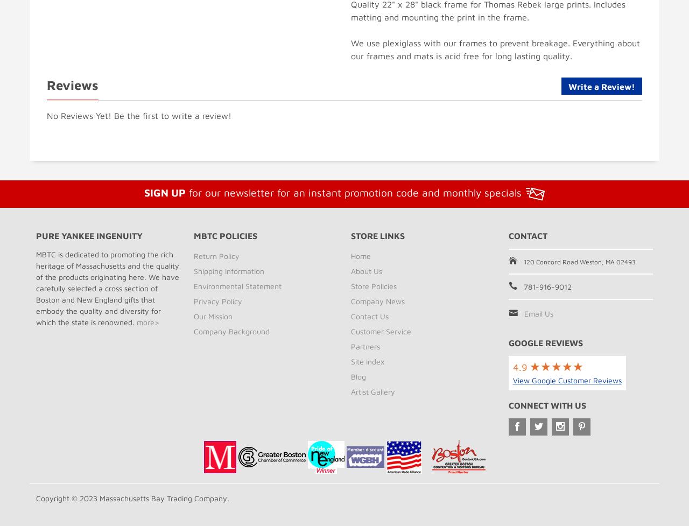 Image resolution: width=689 pixels, height=526 pixels. What do you see at coordinates (230, 330) in the screenshot?
I see `'Company Background'` at bounding box center [230, 330].